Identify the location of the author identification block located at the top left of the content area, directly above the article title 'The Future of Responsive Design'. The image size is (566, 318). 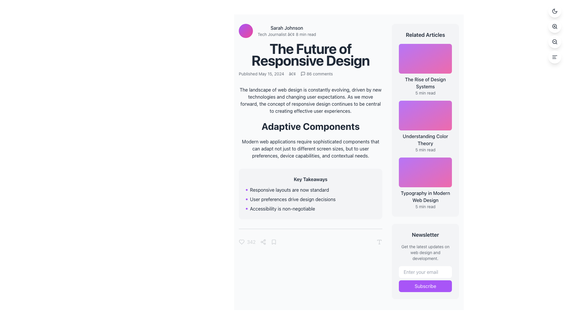
(310, 31).